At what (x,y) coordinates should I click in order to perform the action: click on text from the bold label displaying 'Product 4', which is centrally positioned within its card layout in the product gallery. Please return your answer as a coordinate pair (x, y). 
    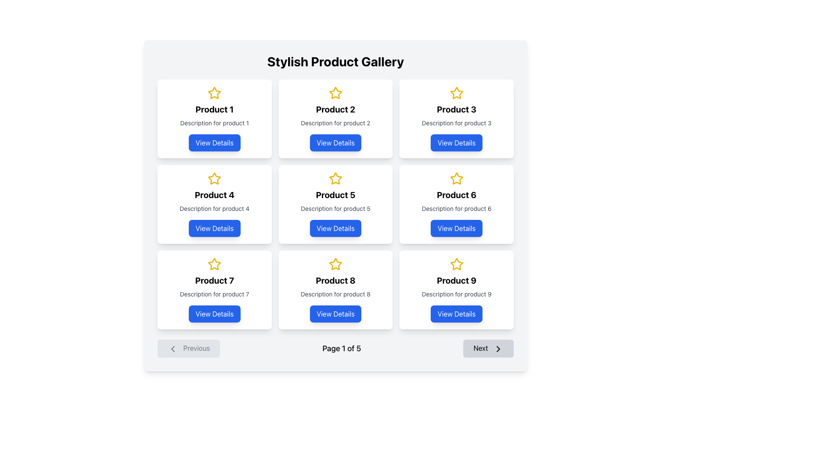
    Looking at the image, I should click on (214, 195).